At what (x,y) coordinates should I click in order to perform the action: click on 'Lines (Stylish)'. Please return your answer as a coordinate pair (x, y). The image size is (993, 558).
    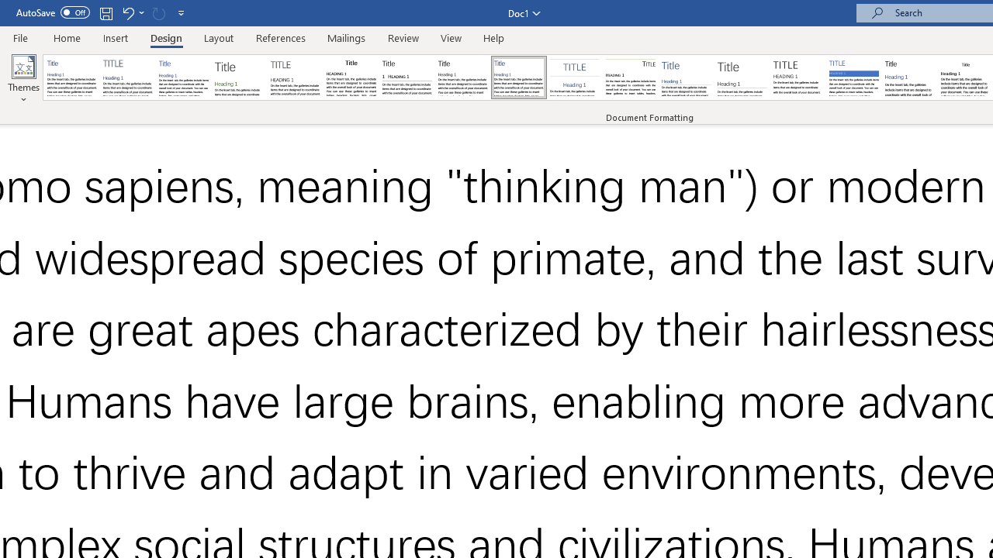
    Looking at the image, I should click on (742, 77).